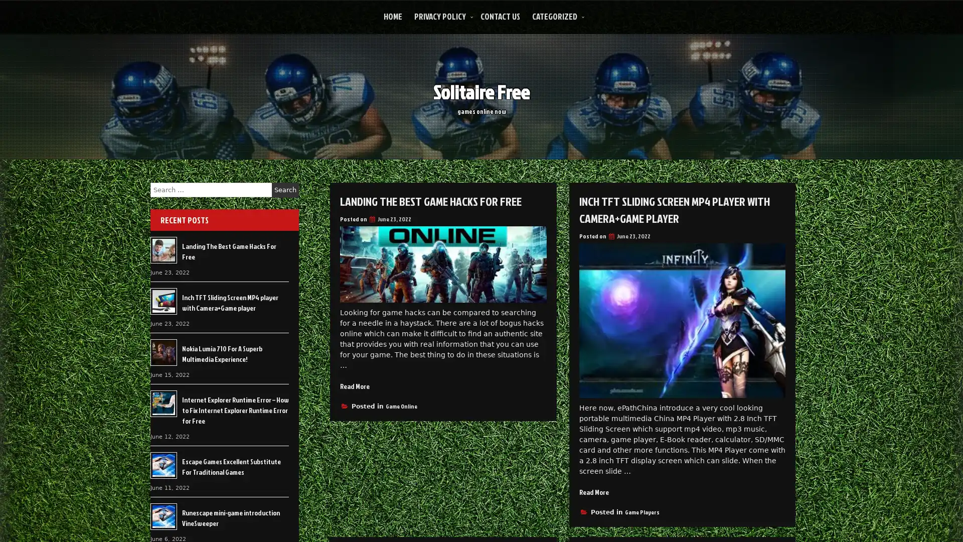 This screenshot has width=963, height=542. Describe the element at coordinates (285, 190) in the screenshot. I see `Search` at that location.